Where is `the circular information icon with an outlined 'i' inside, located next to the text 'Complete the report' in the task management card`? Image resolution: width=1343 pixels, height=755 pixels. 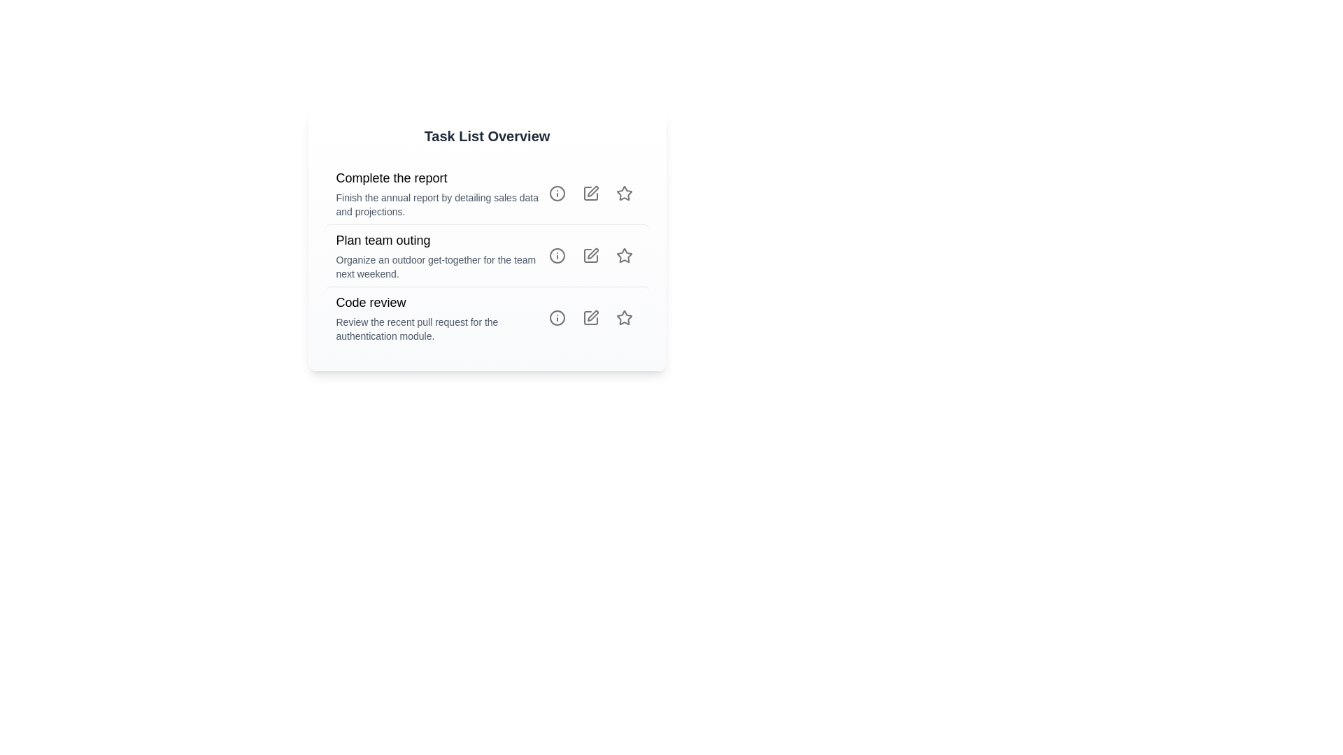 the circular information icon with an outlined 'i' inside, located next to the text 'Complete the report' in the task management card is located at coordinates (556, 194).